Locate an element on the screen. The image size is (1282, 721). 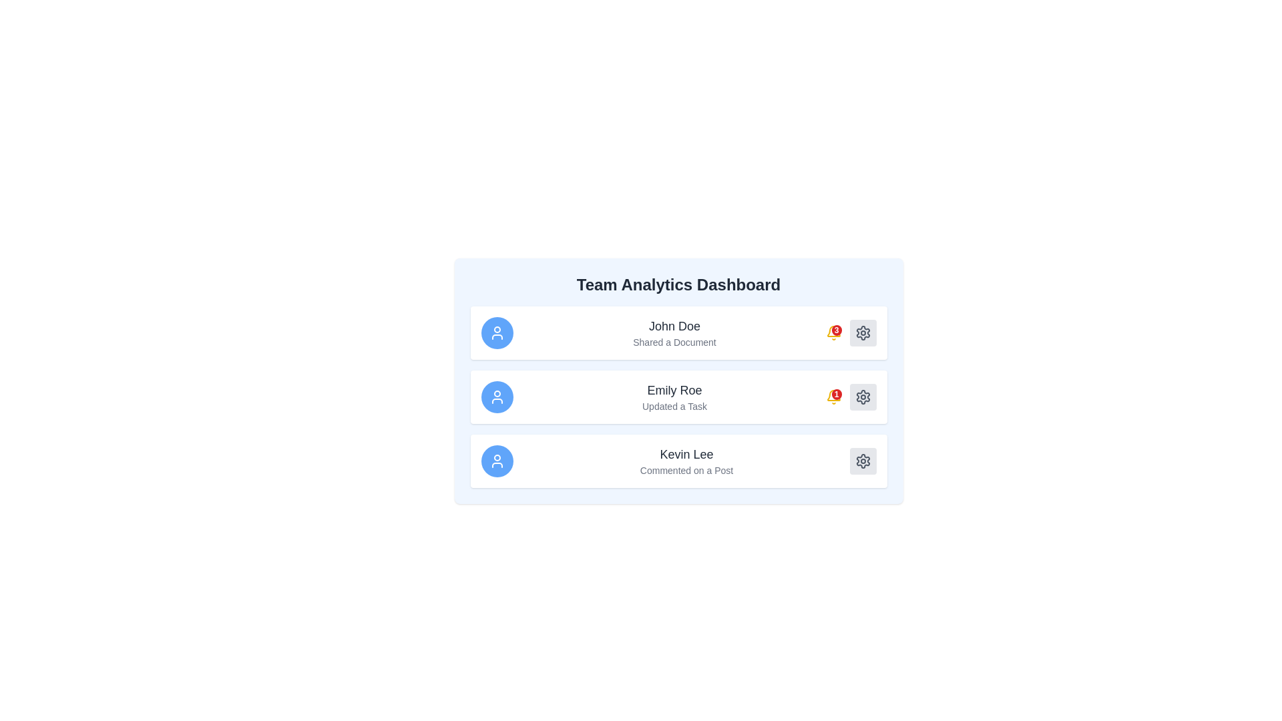
the activity log element displaying 'Emily Roe' and 'Updated a Task', which is positioned centrally in the middle row of the activity list on the dashboard is located at coordinates (674, 396).